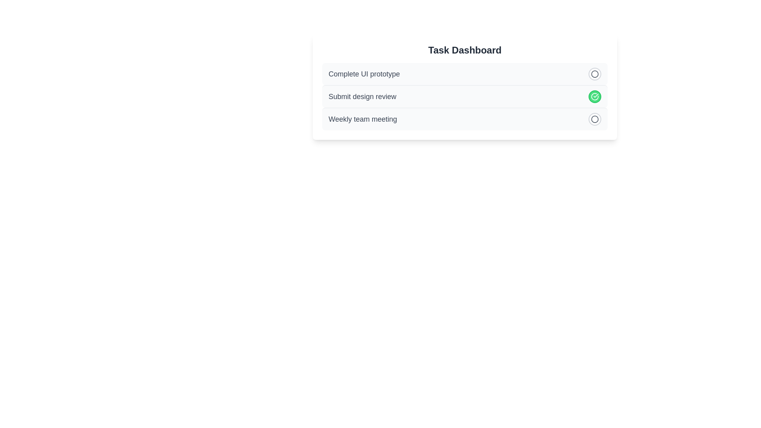 The image size is (761, 428). Describe the element at coordinates (465, 74) in the screenshot. I see `the task item to reveal its details` at that location.